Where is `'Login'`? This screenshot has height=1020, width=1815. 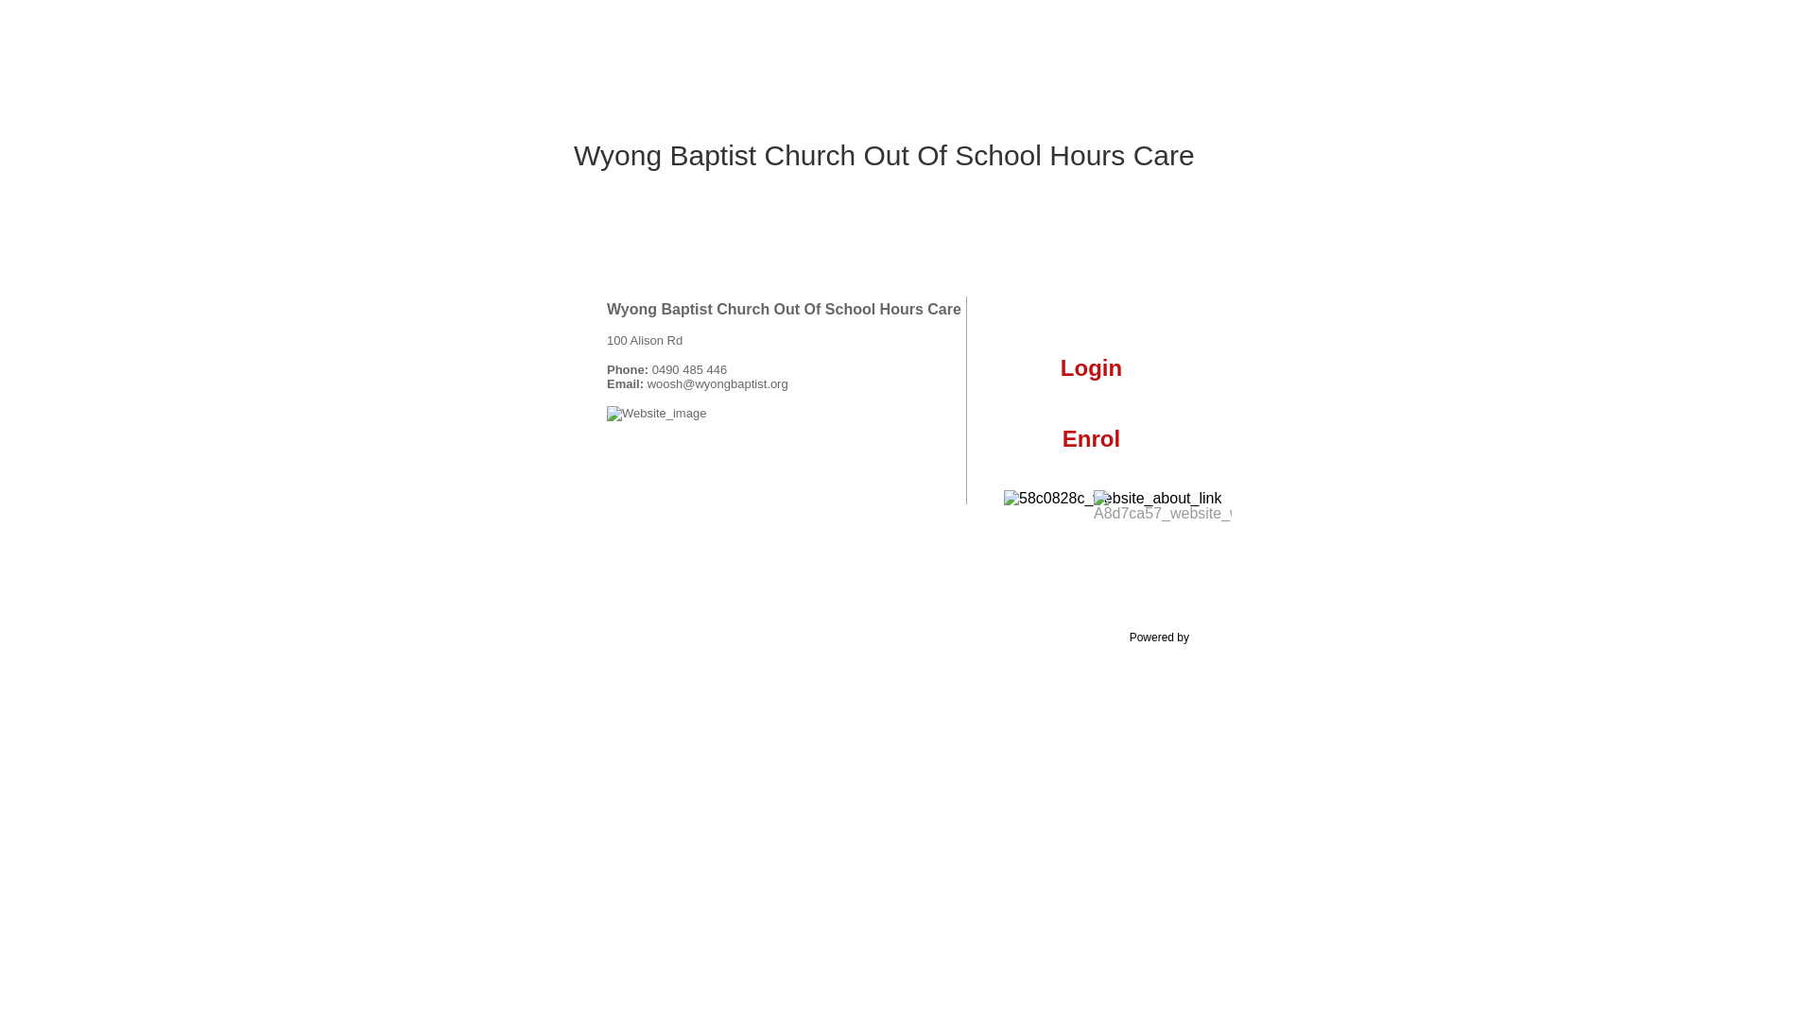
'Login' is located at coordinates (1091, 379).